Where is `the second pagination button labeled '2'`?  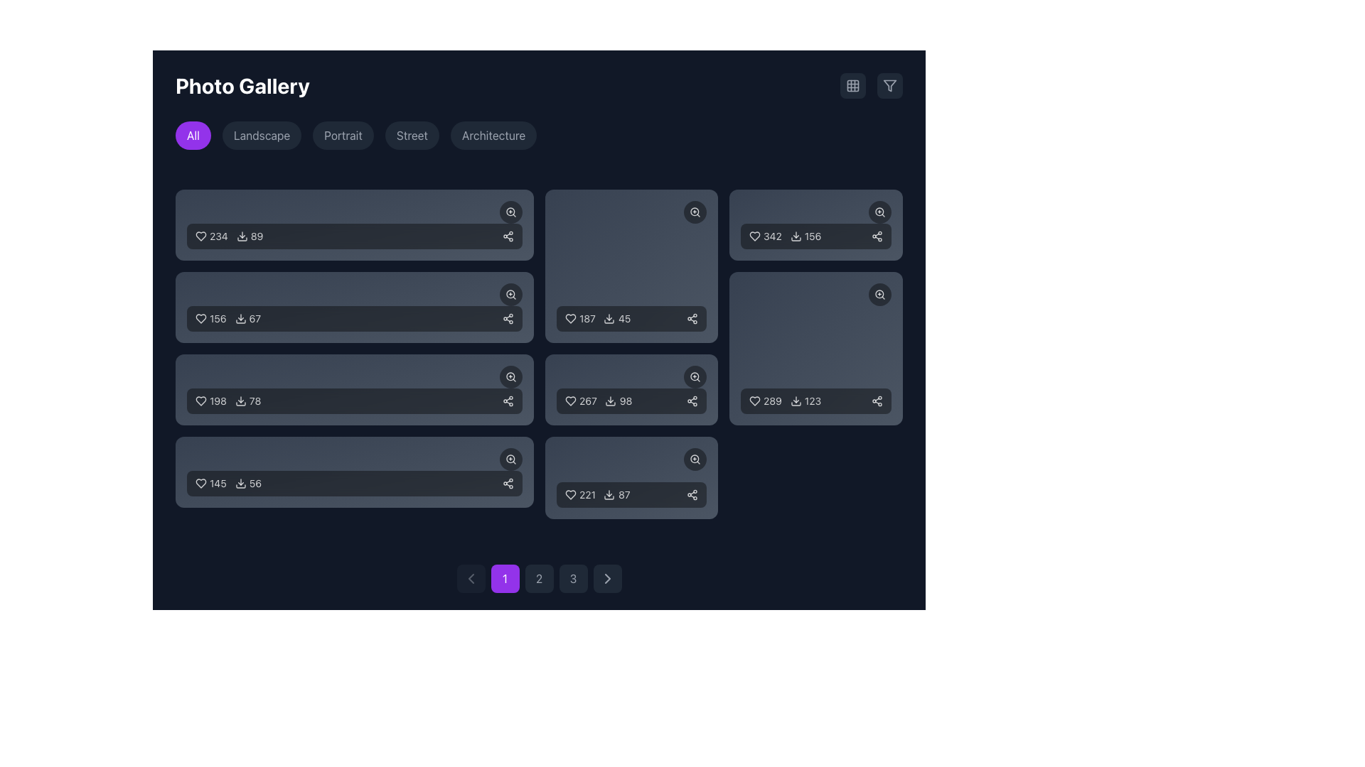 the second pagination button labeled '2' is located at coordinates (538, 566).